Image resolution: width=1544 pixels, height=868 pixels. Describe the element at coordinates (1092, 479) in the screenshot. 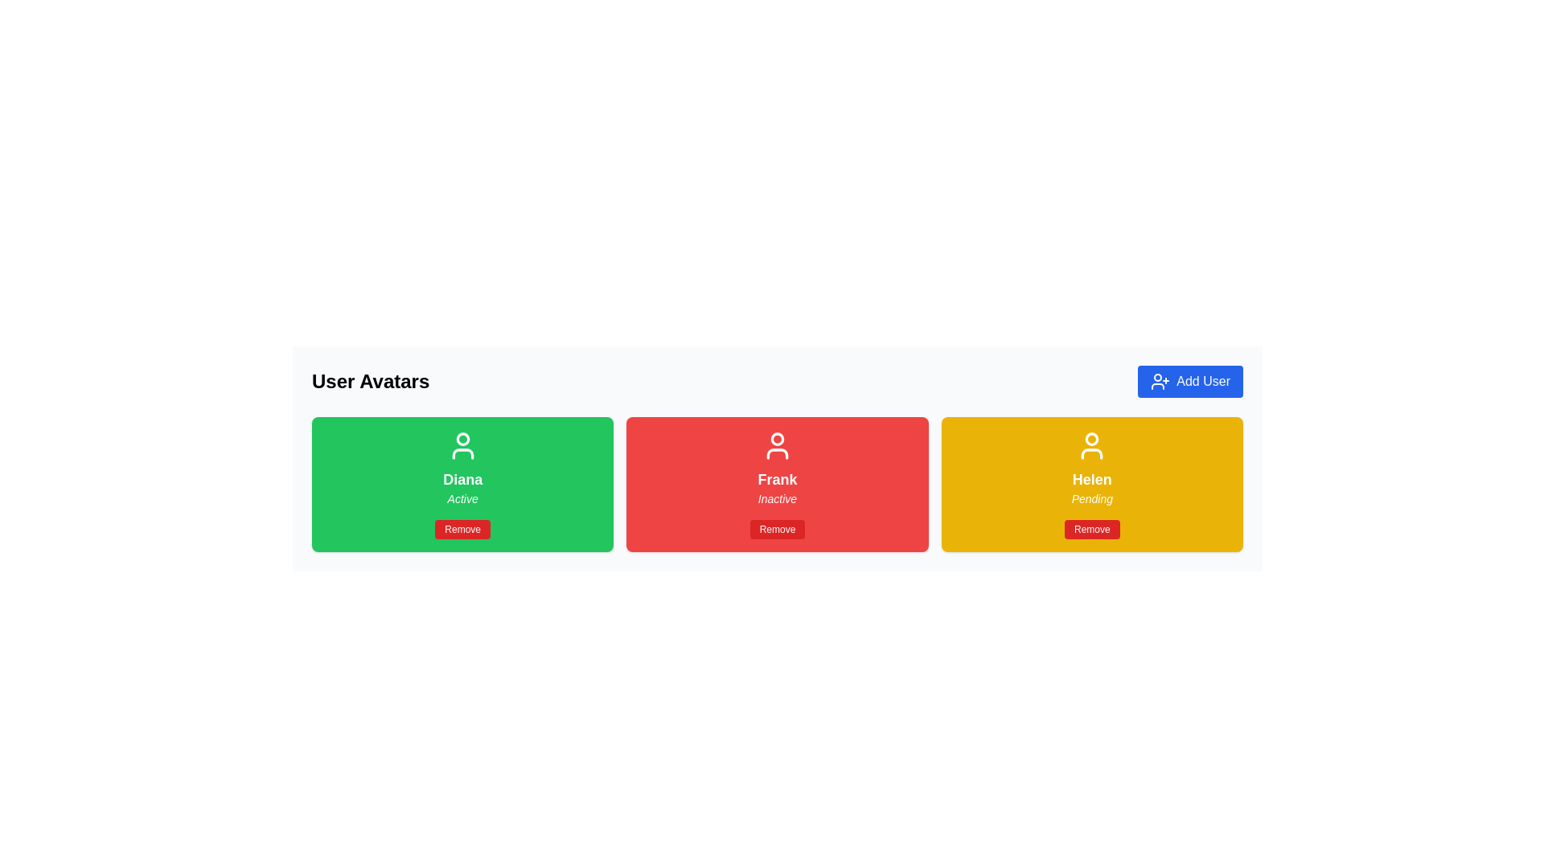

I see `the bold text labeled 'Helen' located centrally in the yellow card, which is part of a grid of user information cards` at that location.